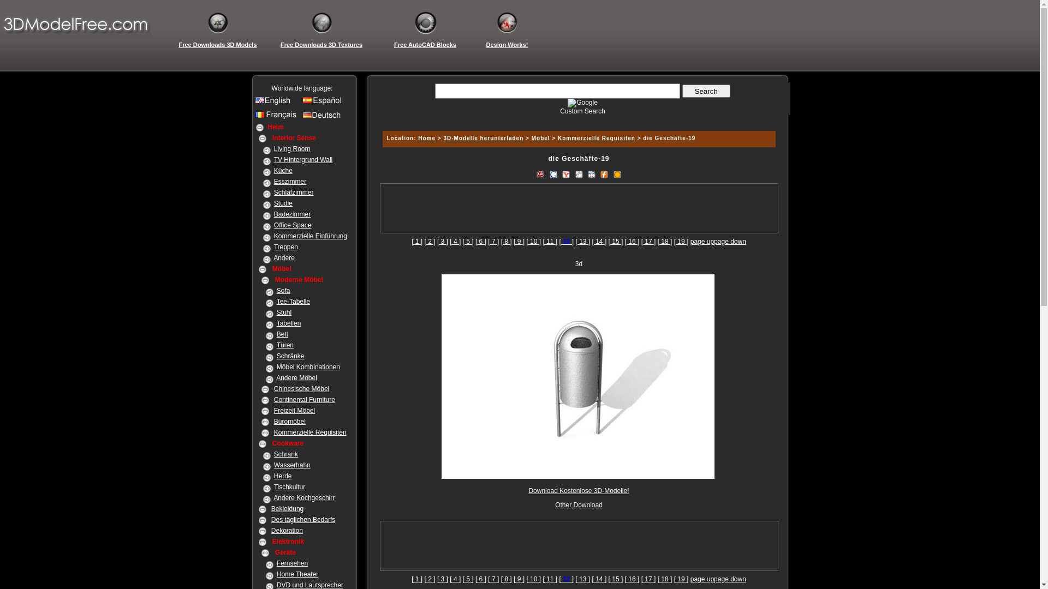  Describe the element at coordinates (294, 192) in the screenshot. I see `'Schlafzimmer'` at that location.